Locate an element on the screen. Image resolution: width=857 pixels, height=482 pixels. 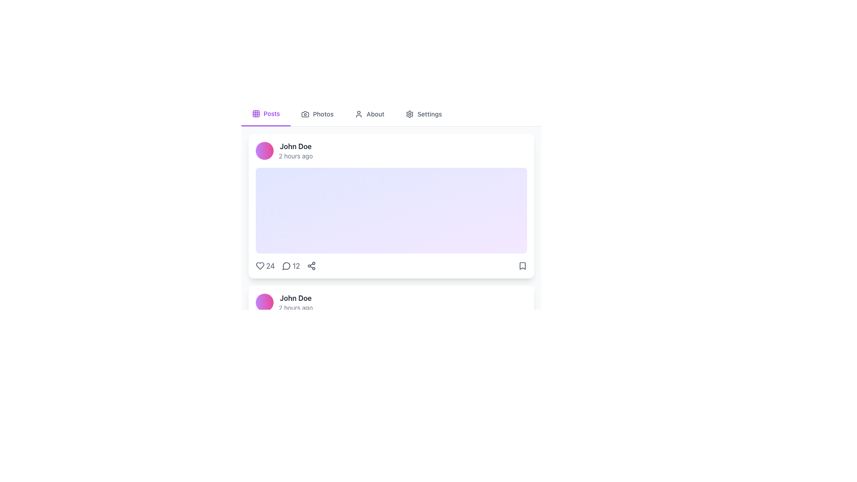
the timestamp text label located below and slightly to the right of 'John Doe' in the first post header is located at coordinates (295, 156).